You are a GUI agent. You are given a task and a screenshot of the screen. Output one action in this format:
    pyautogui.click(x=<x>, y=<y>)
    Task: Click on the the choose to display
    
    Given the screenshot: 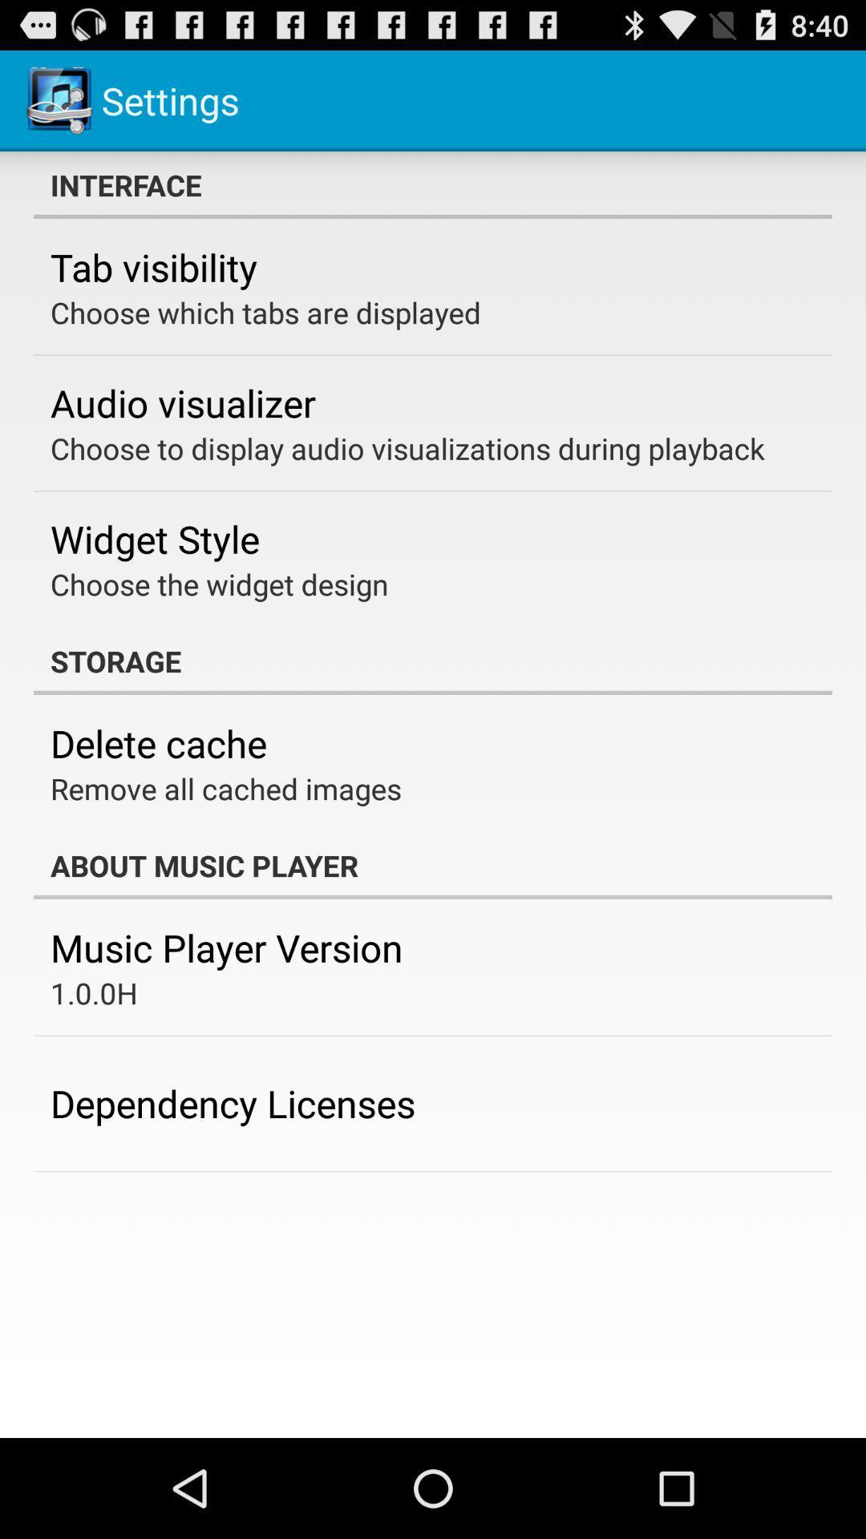 What is the action you would take?
    pyautogui.click(x=407, y=448)
    